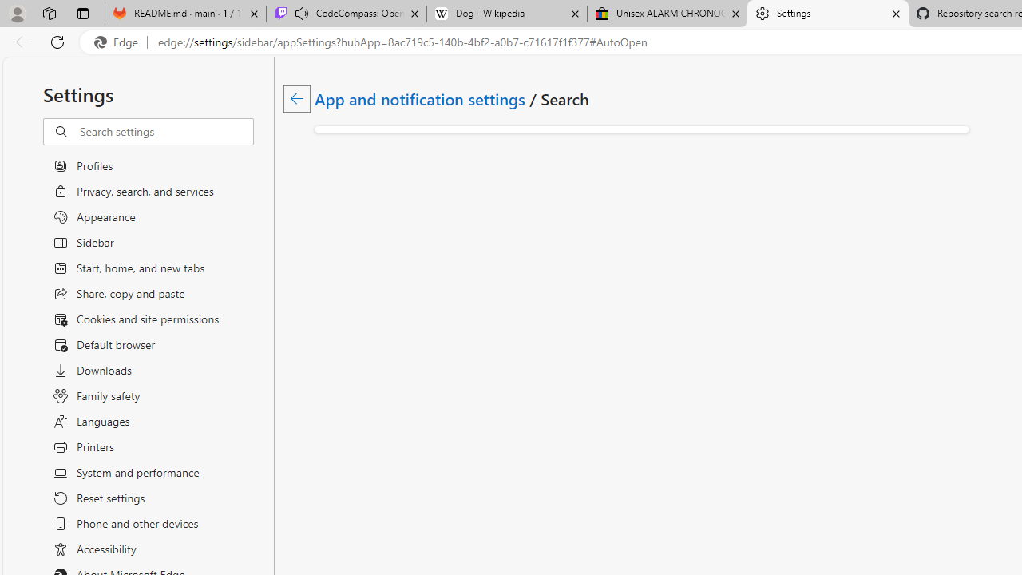  What do you see at coordinates (302, 13) in the screenshot?
I see `'Mute tab'` at bounding box center [302, 13].